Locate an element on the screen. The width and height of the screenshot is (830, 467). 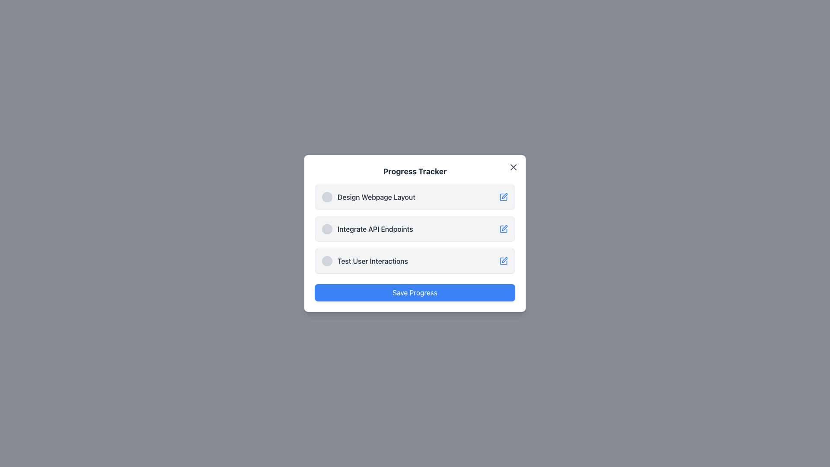
the Text Label displaying 'Test User Interactions' located in the third line item of a vertical list inside a centered modal, to the left of a circular icon button is located at coordinates (373, 261).